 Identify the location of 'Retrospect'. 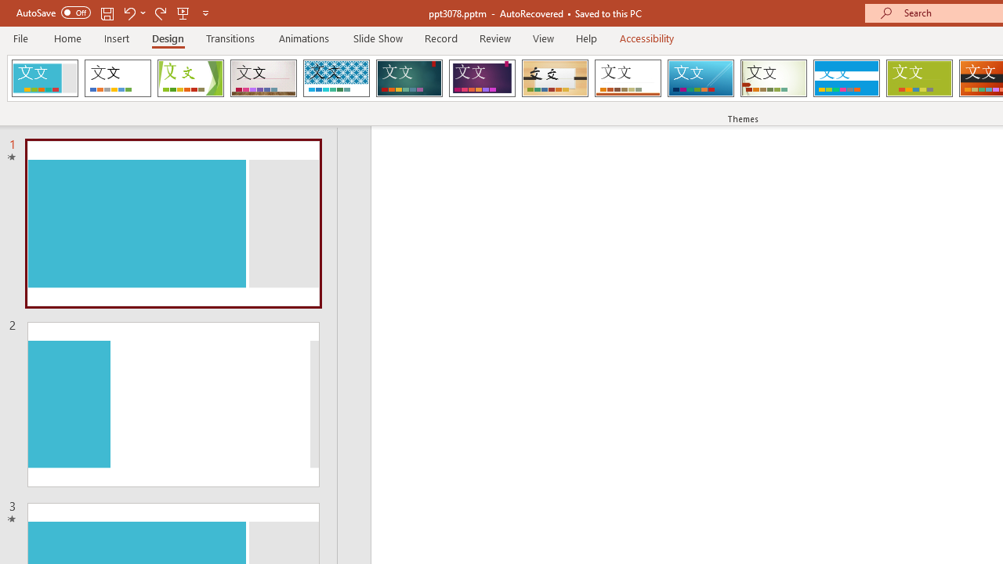
(628, 78).